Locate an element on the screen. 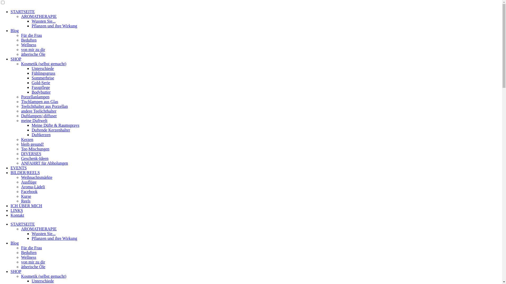  'Wellness' is located at coordinates (28, 44).